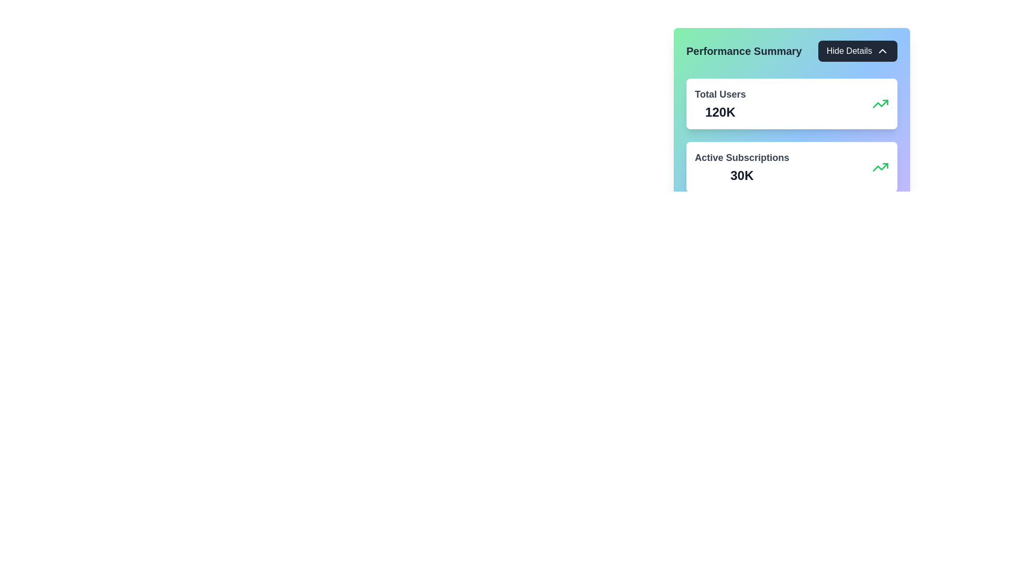 Image resolution: width=1013 pixels, height=570 pixels. Describe the element at coordinates (881, 103) in the screenshot. I see `the green upward trend icon, which represents progress or growth, located to the right of the 'Active Subscriptions' label in the lower section of the 'Performance Summary' card` at that location.